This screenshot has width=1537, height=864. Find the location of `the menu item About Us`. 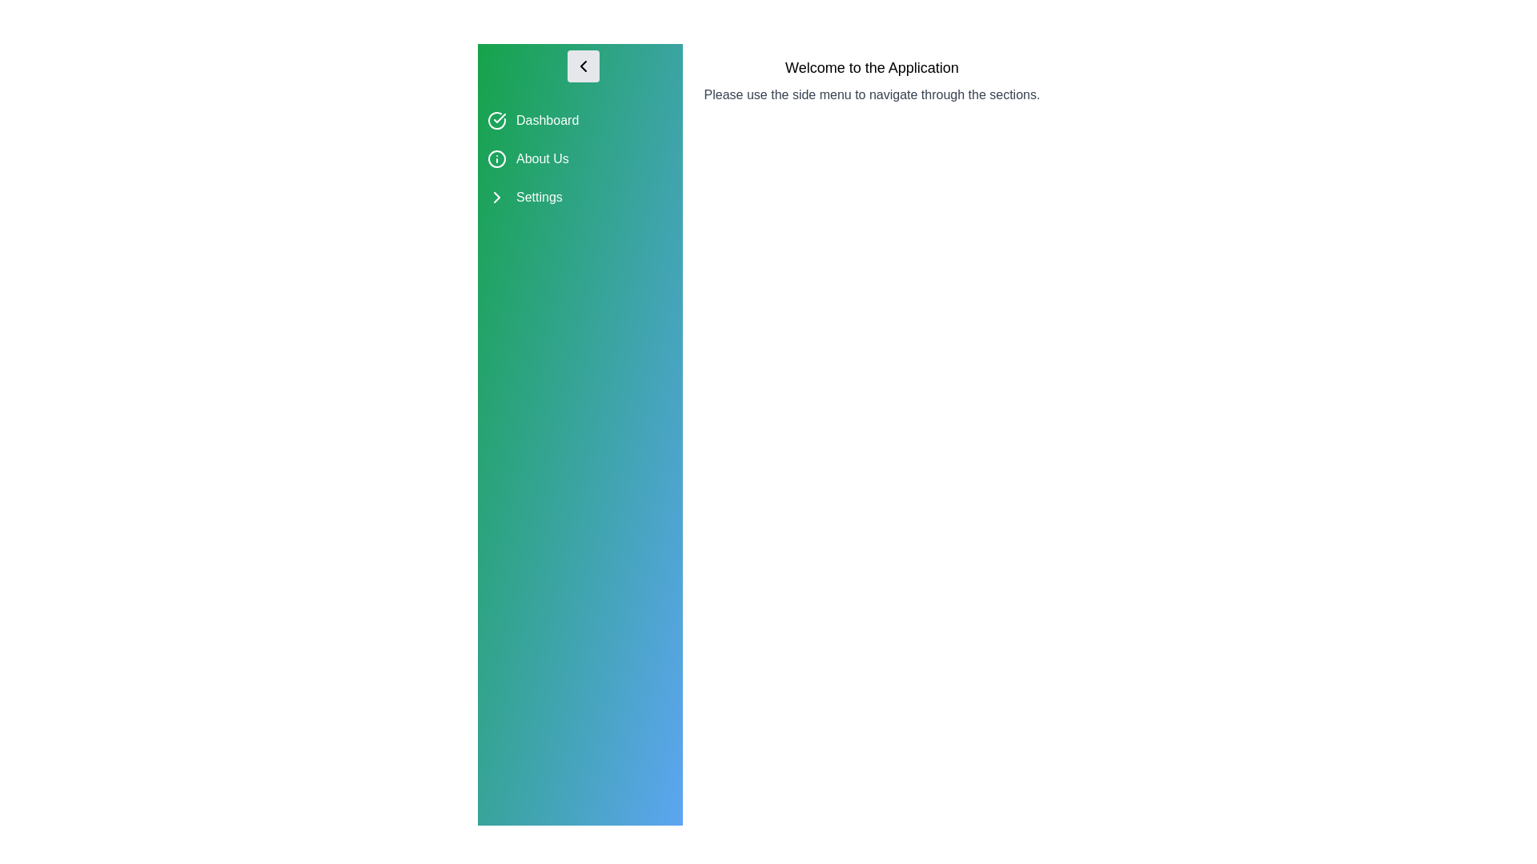

the menu item About Us is located at coordinates (579, 159).